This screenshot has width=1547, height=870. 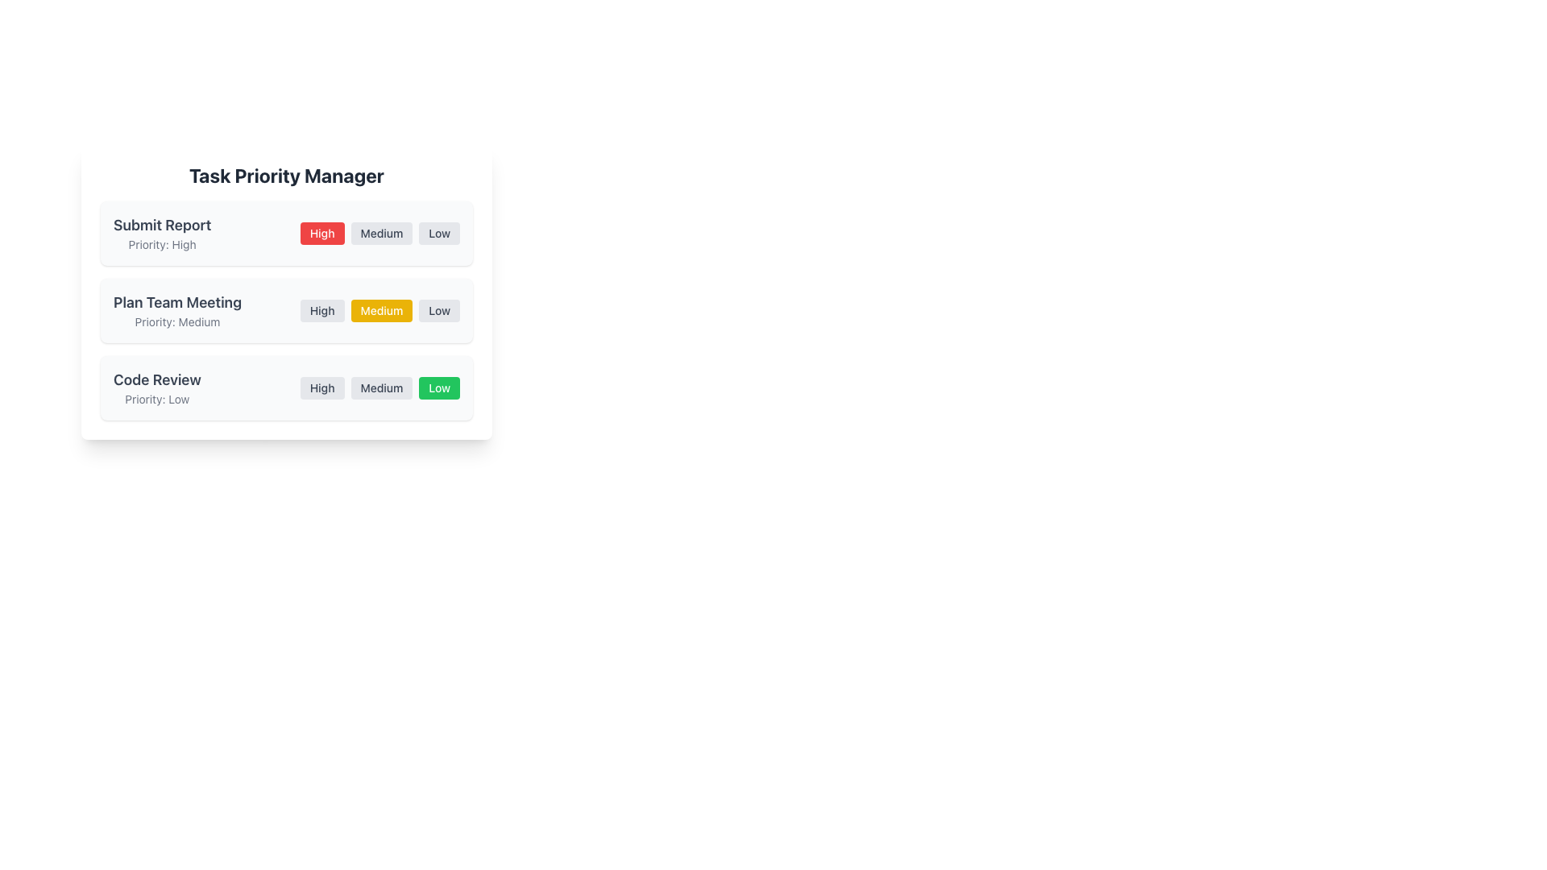 What do you see at coordinates (321, 388) in the screenshot?
I see `the 'High' priority button in the 'Task Priority Manager' interface` at bounding box center [321, 388].